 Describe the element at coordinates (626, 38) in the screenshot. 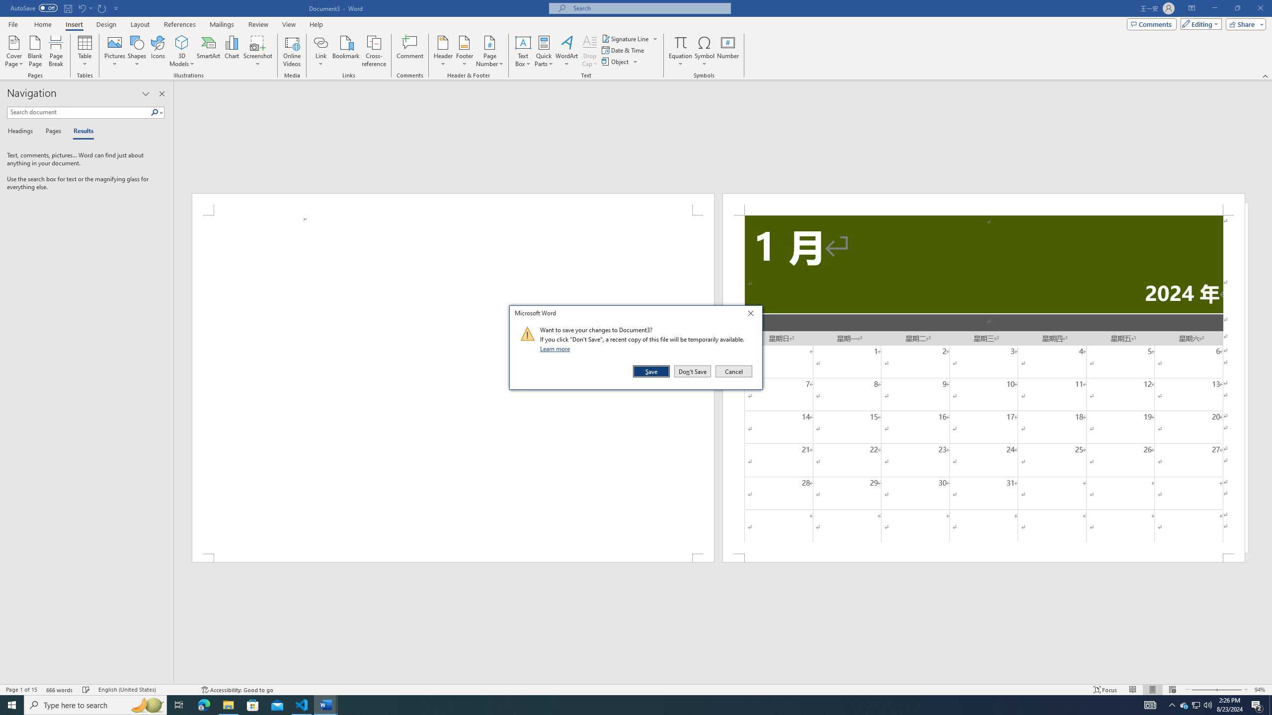

I see `'Signature Line'` at that location.